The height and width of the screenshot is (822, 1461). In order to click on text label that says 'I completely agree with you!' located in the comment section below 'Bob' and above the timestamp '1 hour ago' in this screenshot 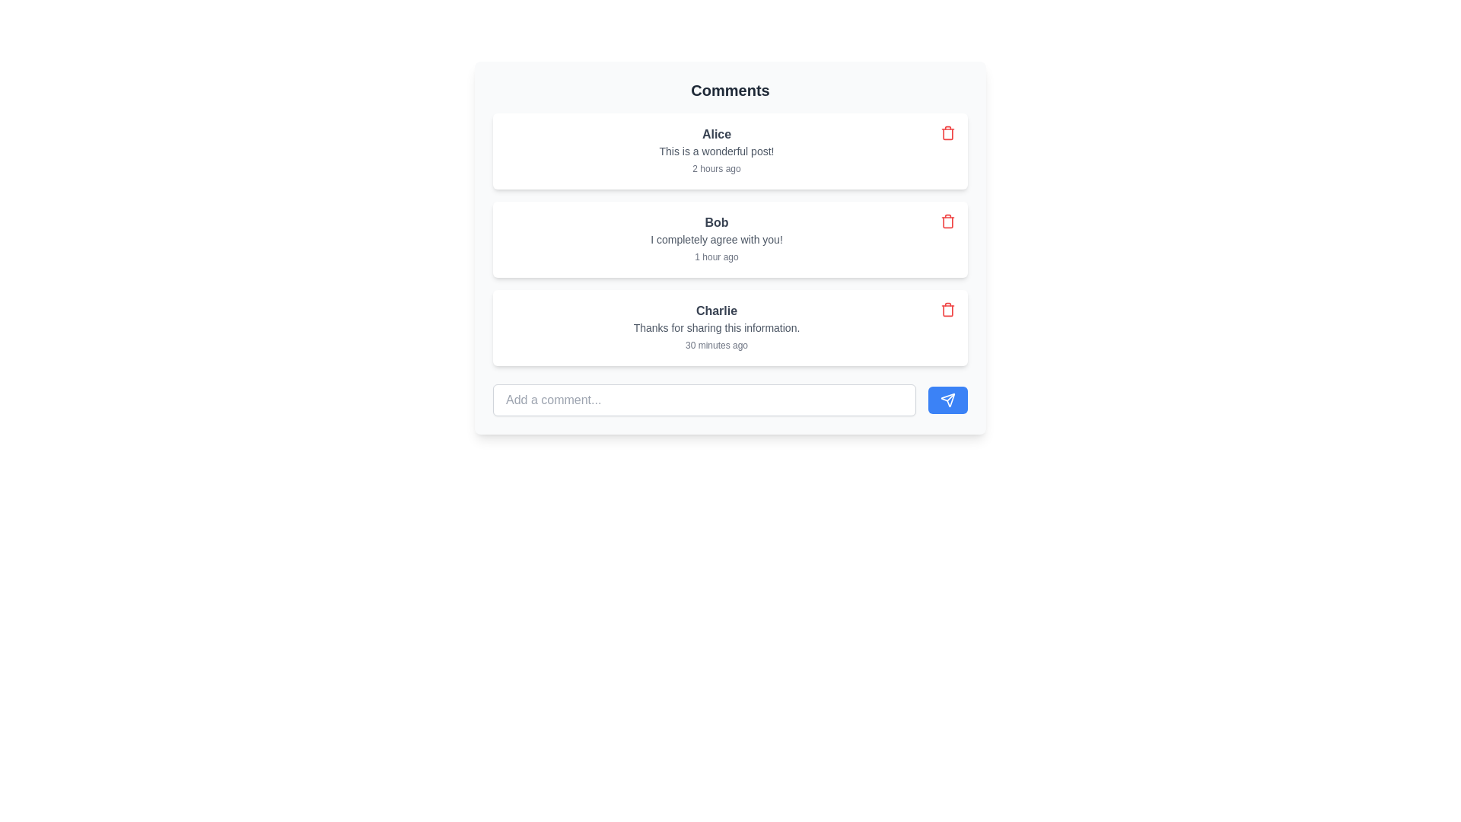, I will do `click(715, 240)`.